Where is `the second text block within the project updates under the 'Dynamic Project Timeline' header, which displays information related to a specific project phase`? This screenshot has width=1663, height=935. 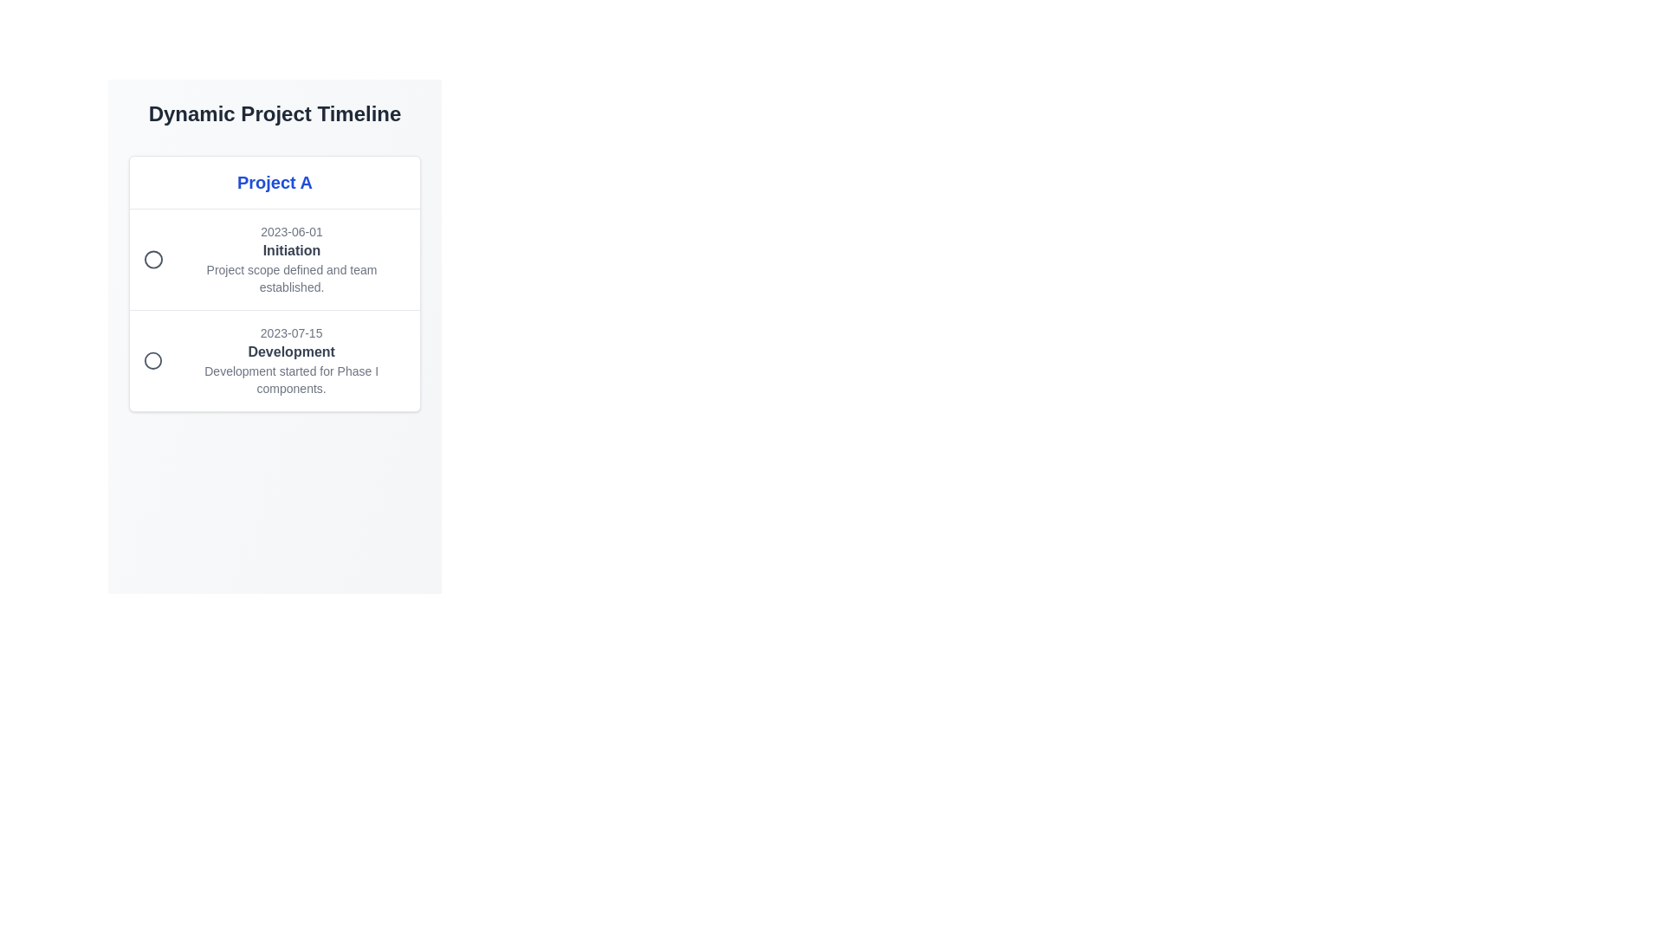
the second text block within the project updates under the 'Dynamic Project Timeline' header, which displays information related to a specific project phase is located at coordinates (291, 359).